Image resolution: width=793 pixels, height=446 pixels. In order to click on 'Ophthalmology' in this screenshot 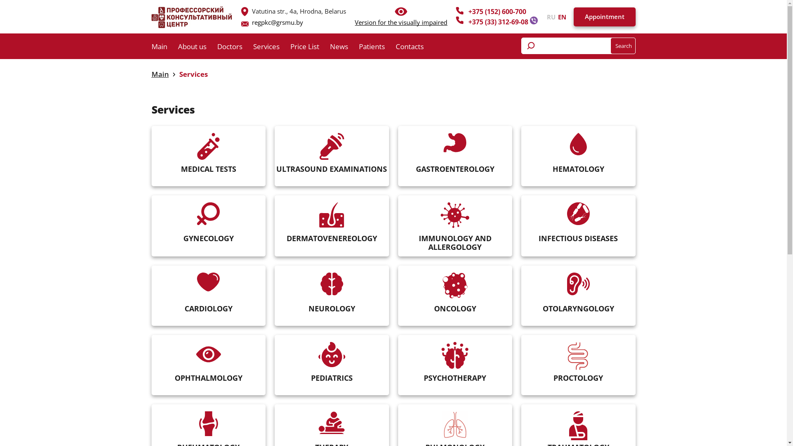, I will do `click(208, 353)`.